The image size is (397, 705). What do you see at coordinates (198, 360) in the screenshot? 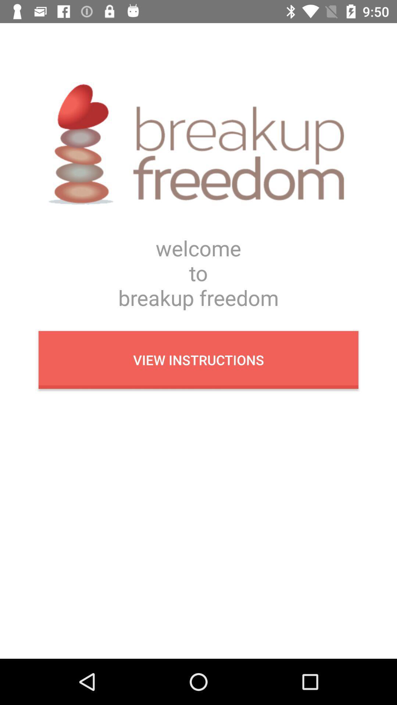
I see `the view instructions button` at bounding box center [198, 360].